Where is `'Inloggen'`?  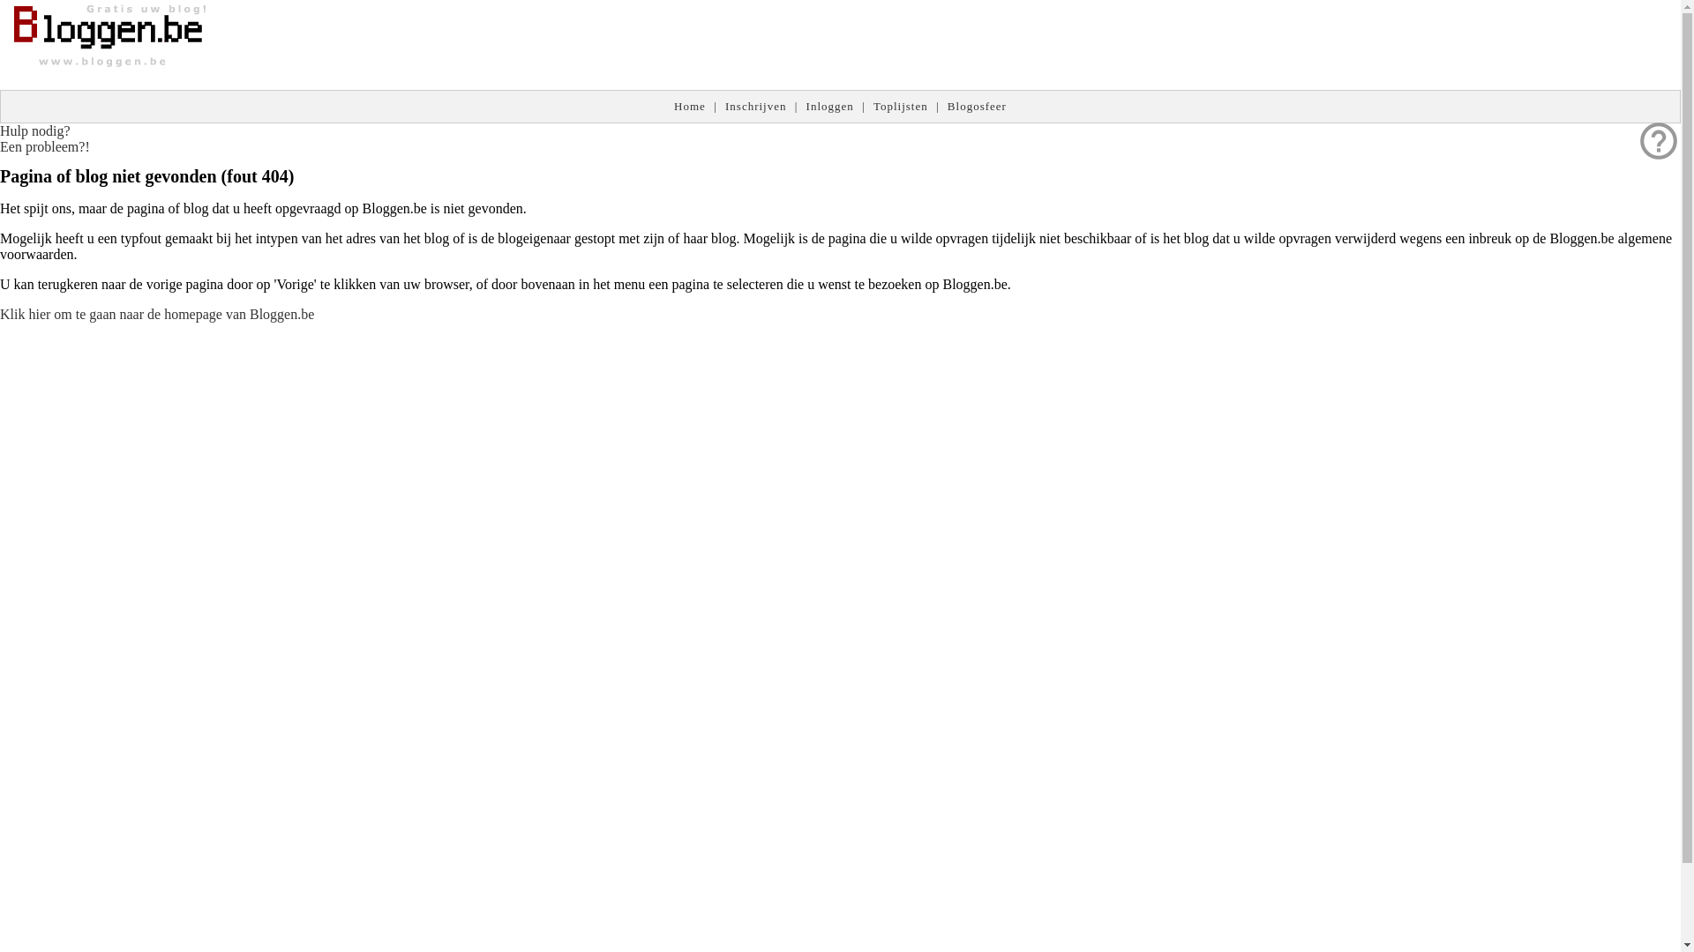 'Inloggen' is located at coordinates (828, 106).